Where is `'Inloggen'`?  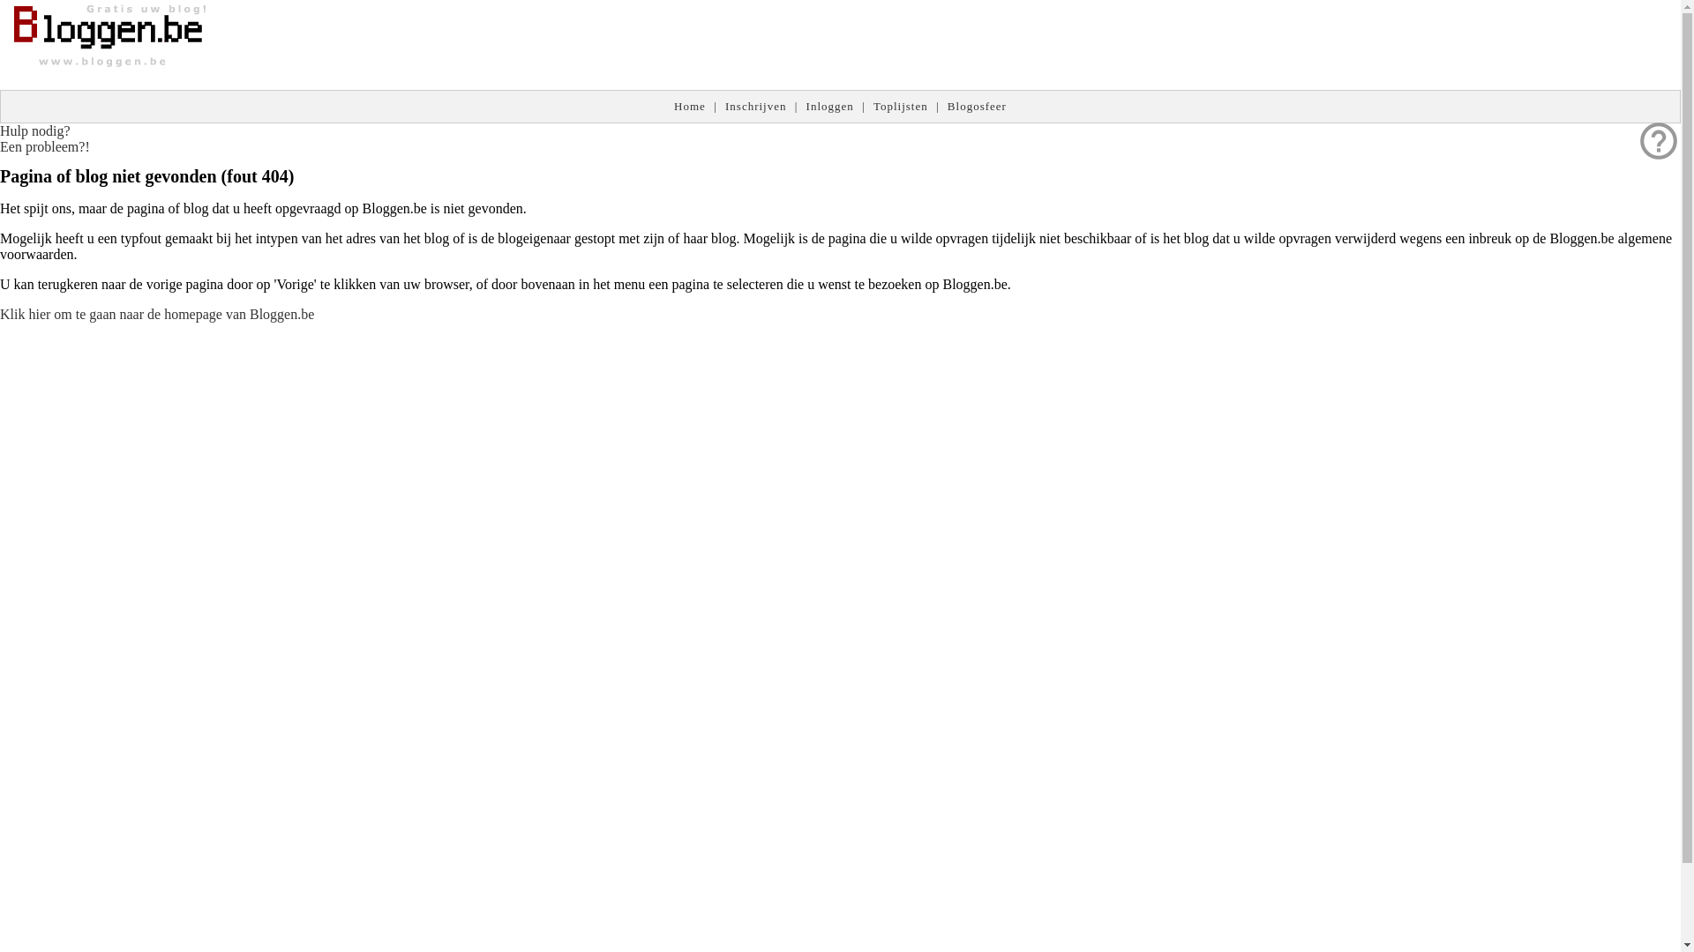 'Inloggen' is located at coordinates (828, 106).